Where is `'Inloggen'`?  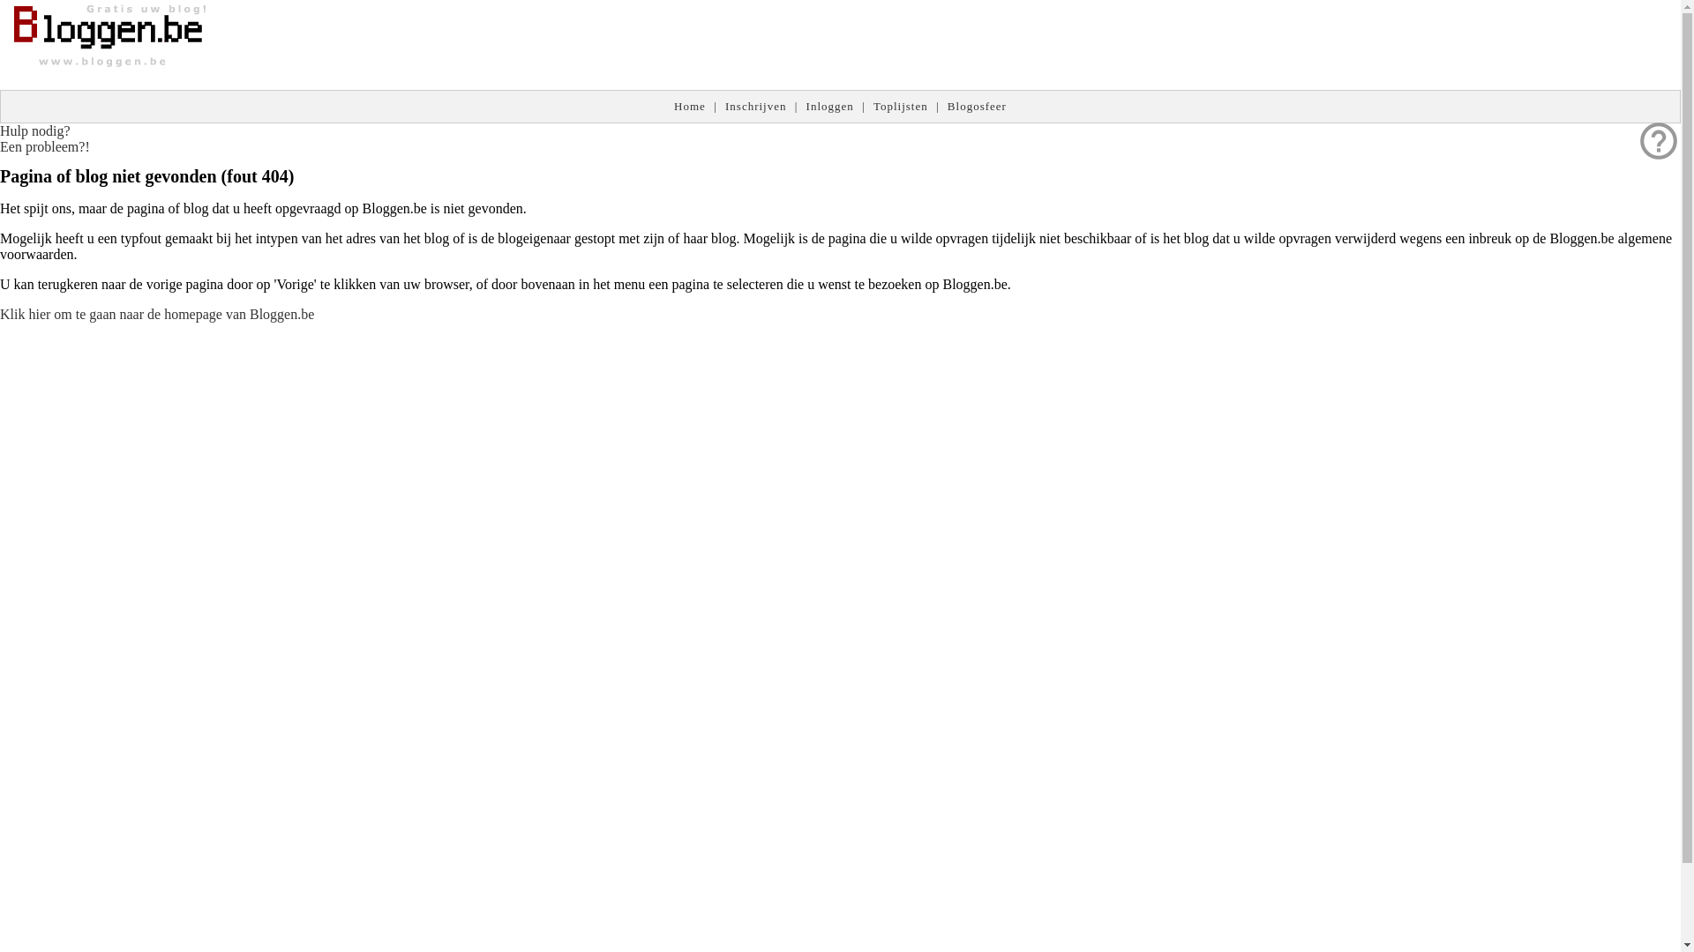 'Inloggen' is located at coordinates (828, 106).